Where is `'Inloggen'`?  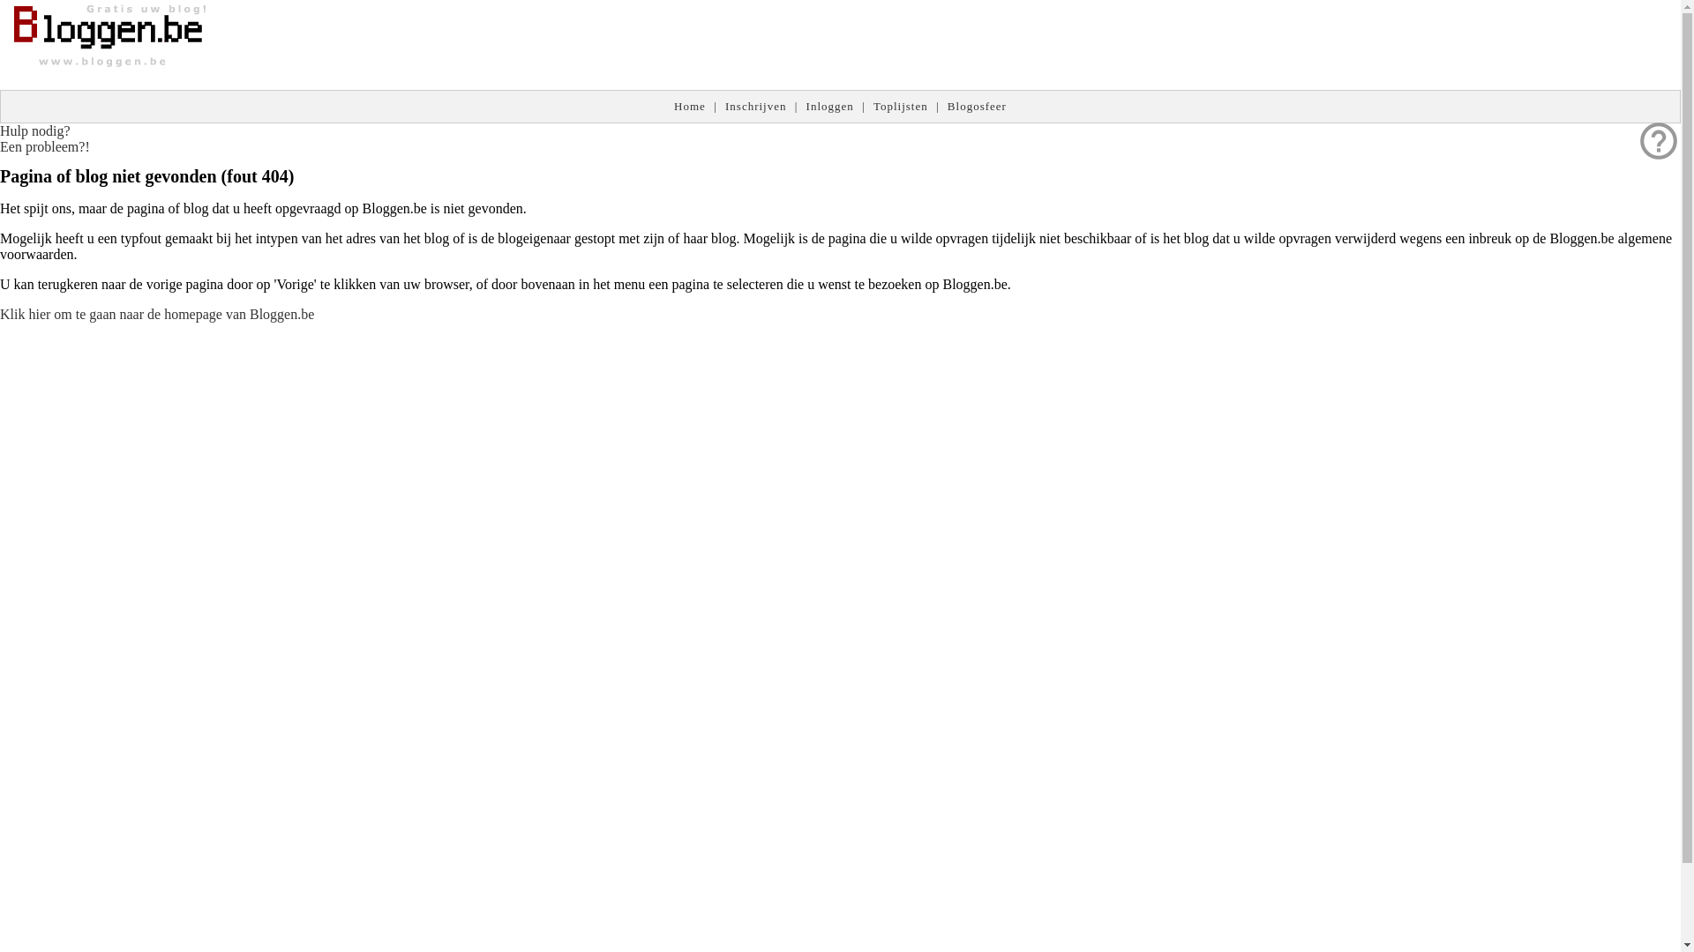 'Inloggen' is located at coordinates (828, 106).